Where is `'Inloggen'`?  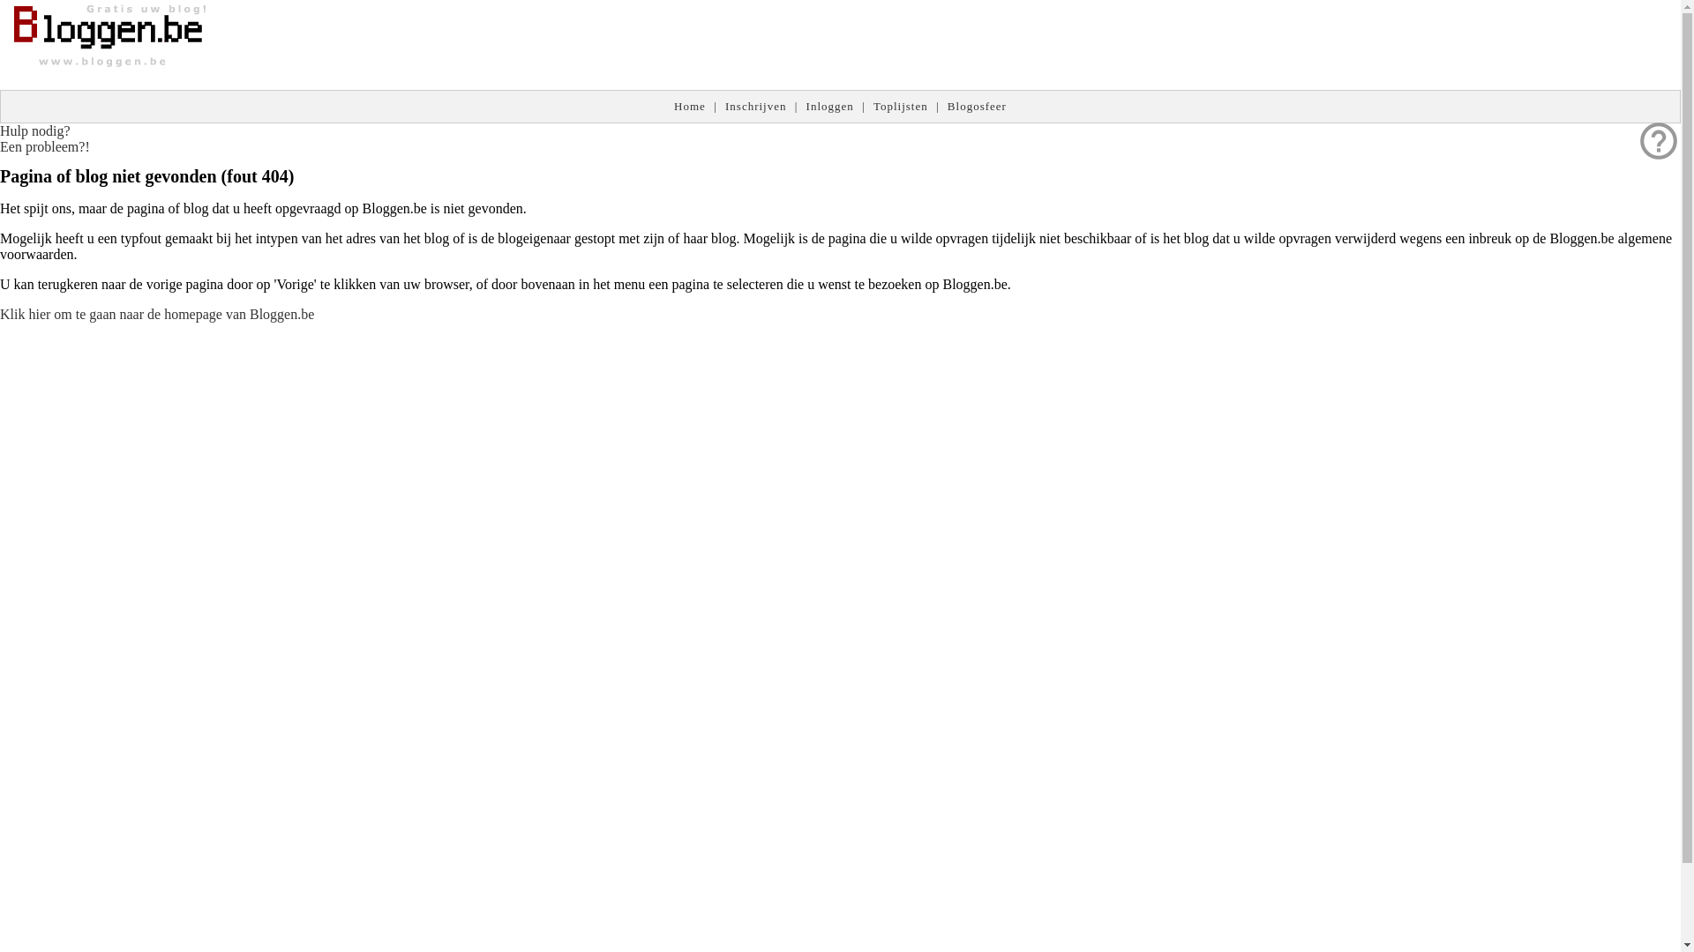 'Inloggen' is located at coordinates (828, 106).